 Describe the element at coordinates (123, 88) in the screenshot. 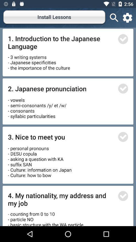

I see `this option` at that location.